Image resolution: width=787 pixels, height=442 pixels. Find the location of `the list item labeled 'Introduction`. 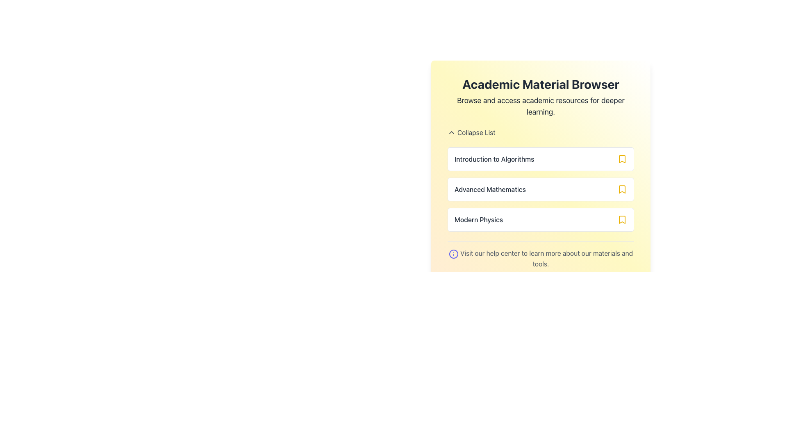

the list item labeled 'Introduction is located at coordinates (541, 161).